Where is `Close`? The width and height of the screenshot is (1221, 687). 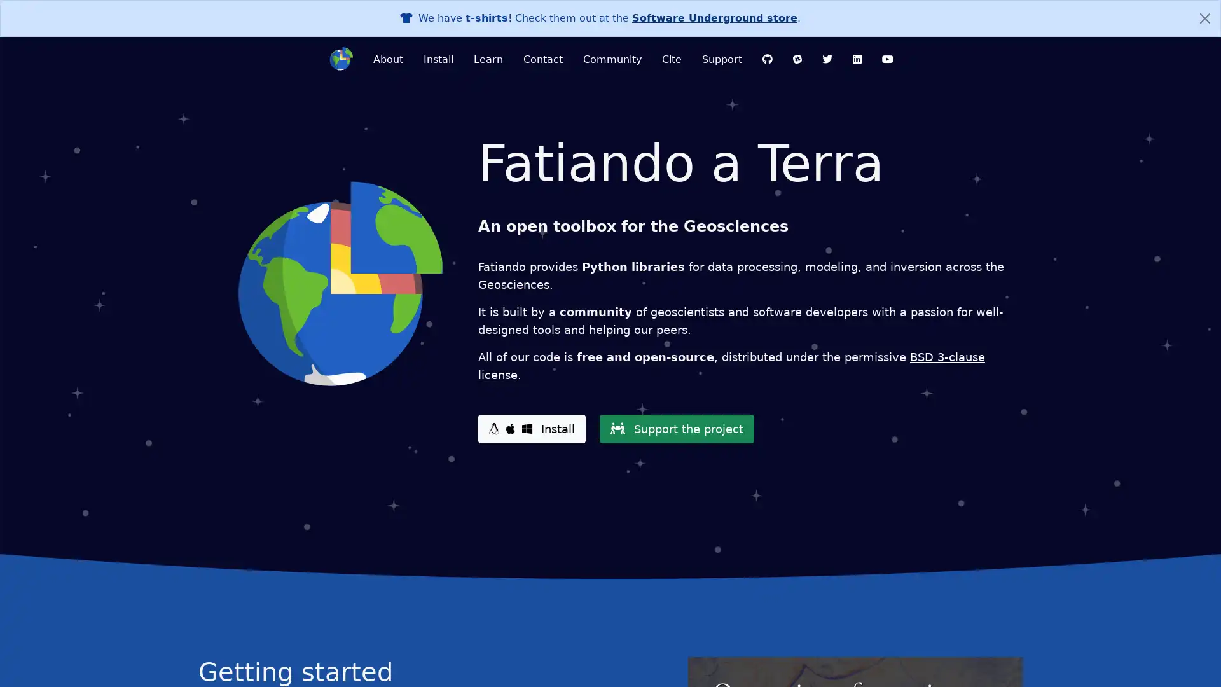
Close is located at coordinates (1204, 18).